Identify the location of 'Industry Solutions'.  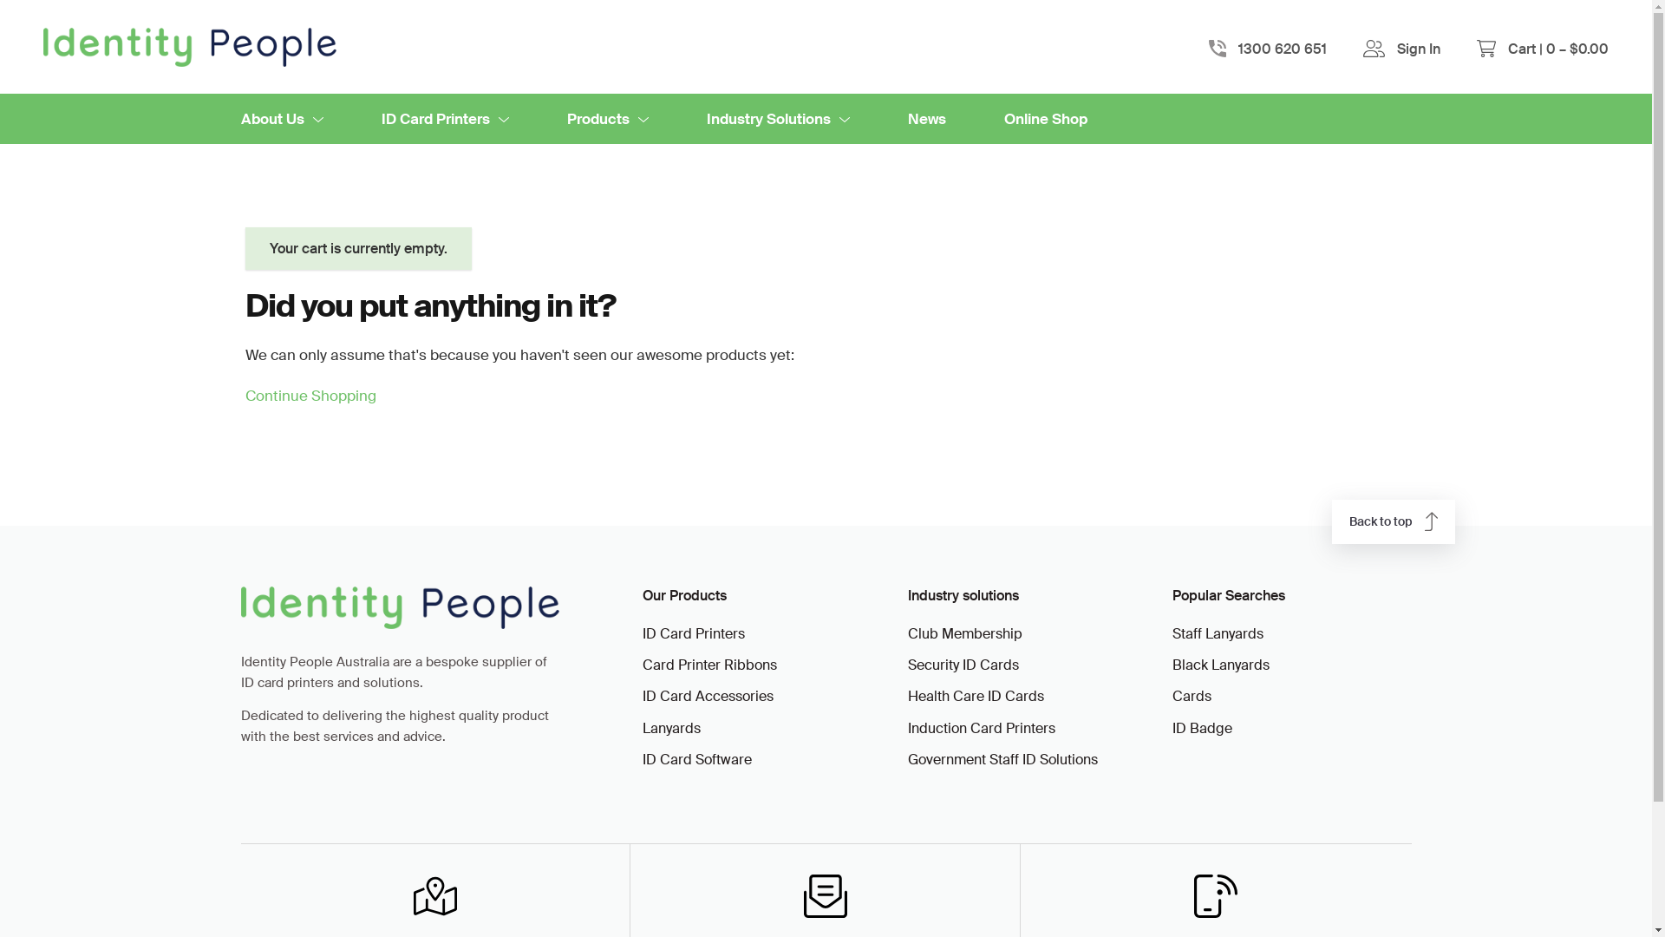
(706, 118).